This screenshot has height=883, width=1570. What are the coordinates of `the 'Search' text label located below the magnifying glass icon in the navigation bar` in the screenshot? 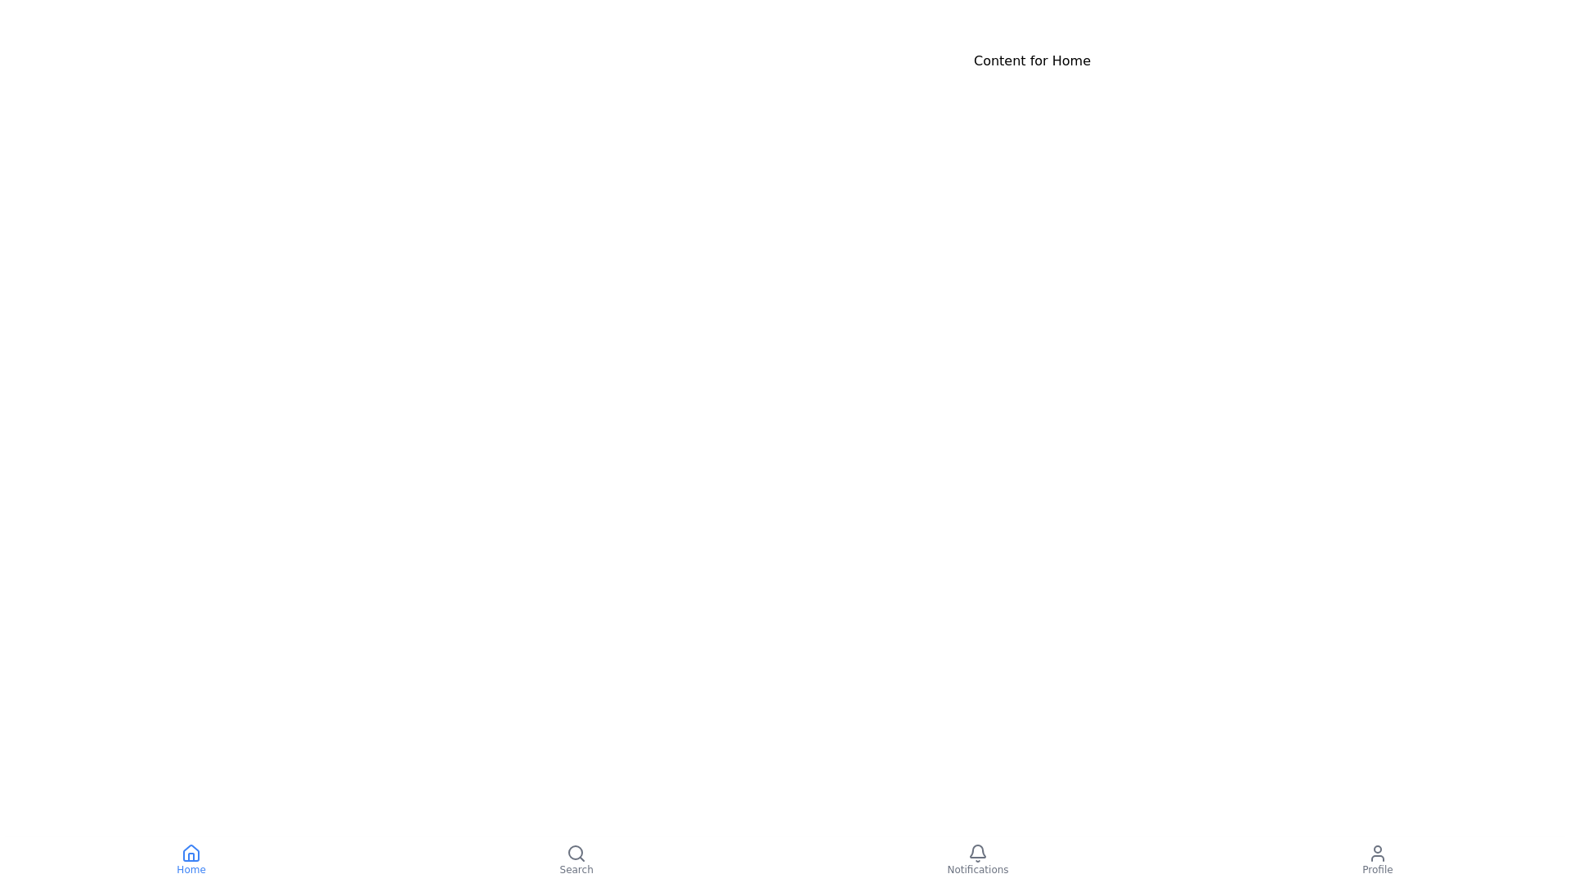 It's located at (576, 869).